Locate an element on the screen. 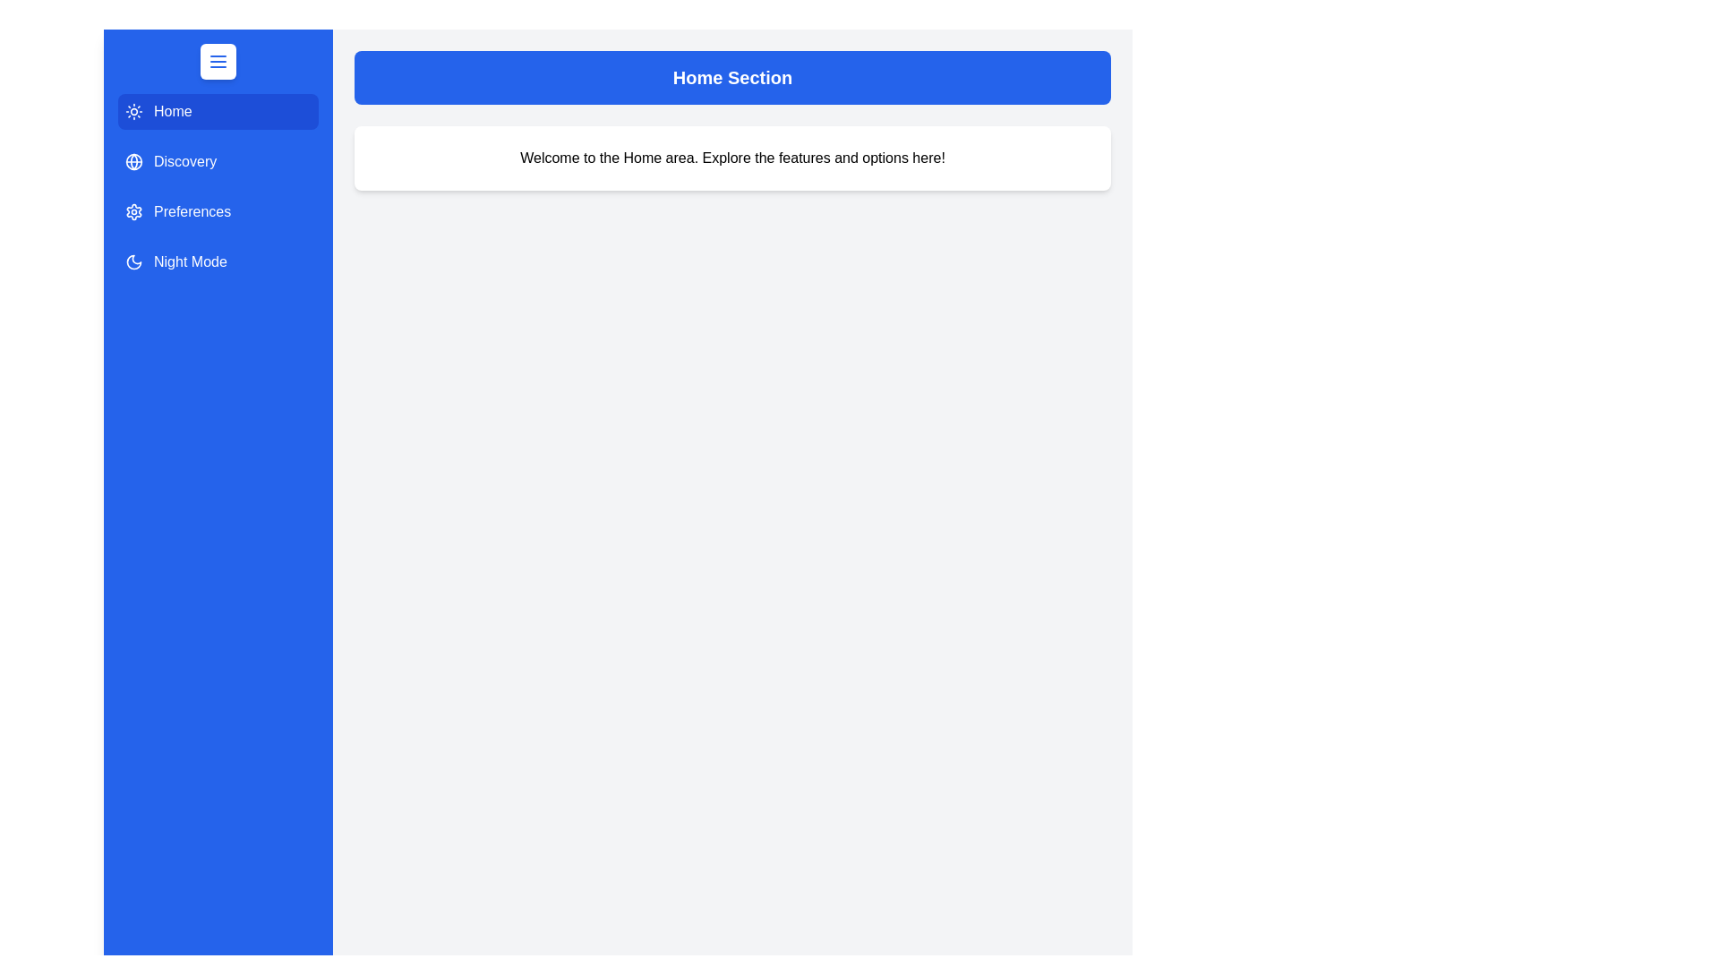 This screenshot has height=967, width=1719. the button to toggle the drawer visibility is located at coordinates (218, 61).